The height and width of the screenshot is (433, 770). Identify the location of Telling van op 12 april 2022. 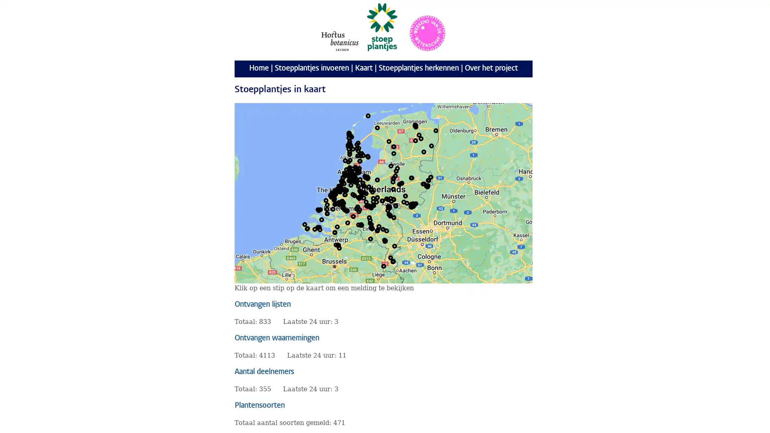
(332, 194).